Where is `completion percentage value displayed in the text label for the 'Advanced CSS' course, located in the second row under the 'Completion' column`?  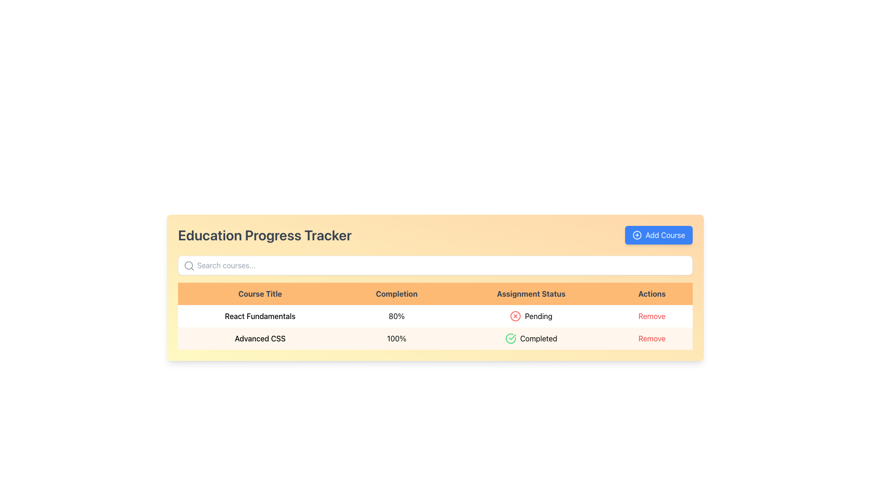
completion percentage value displayed in the text label for the 'Advanced CSS' course, located in the second row under the 'Completion' column is located at coordinates (397, 338).